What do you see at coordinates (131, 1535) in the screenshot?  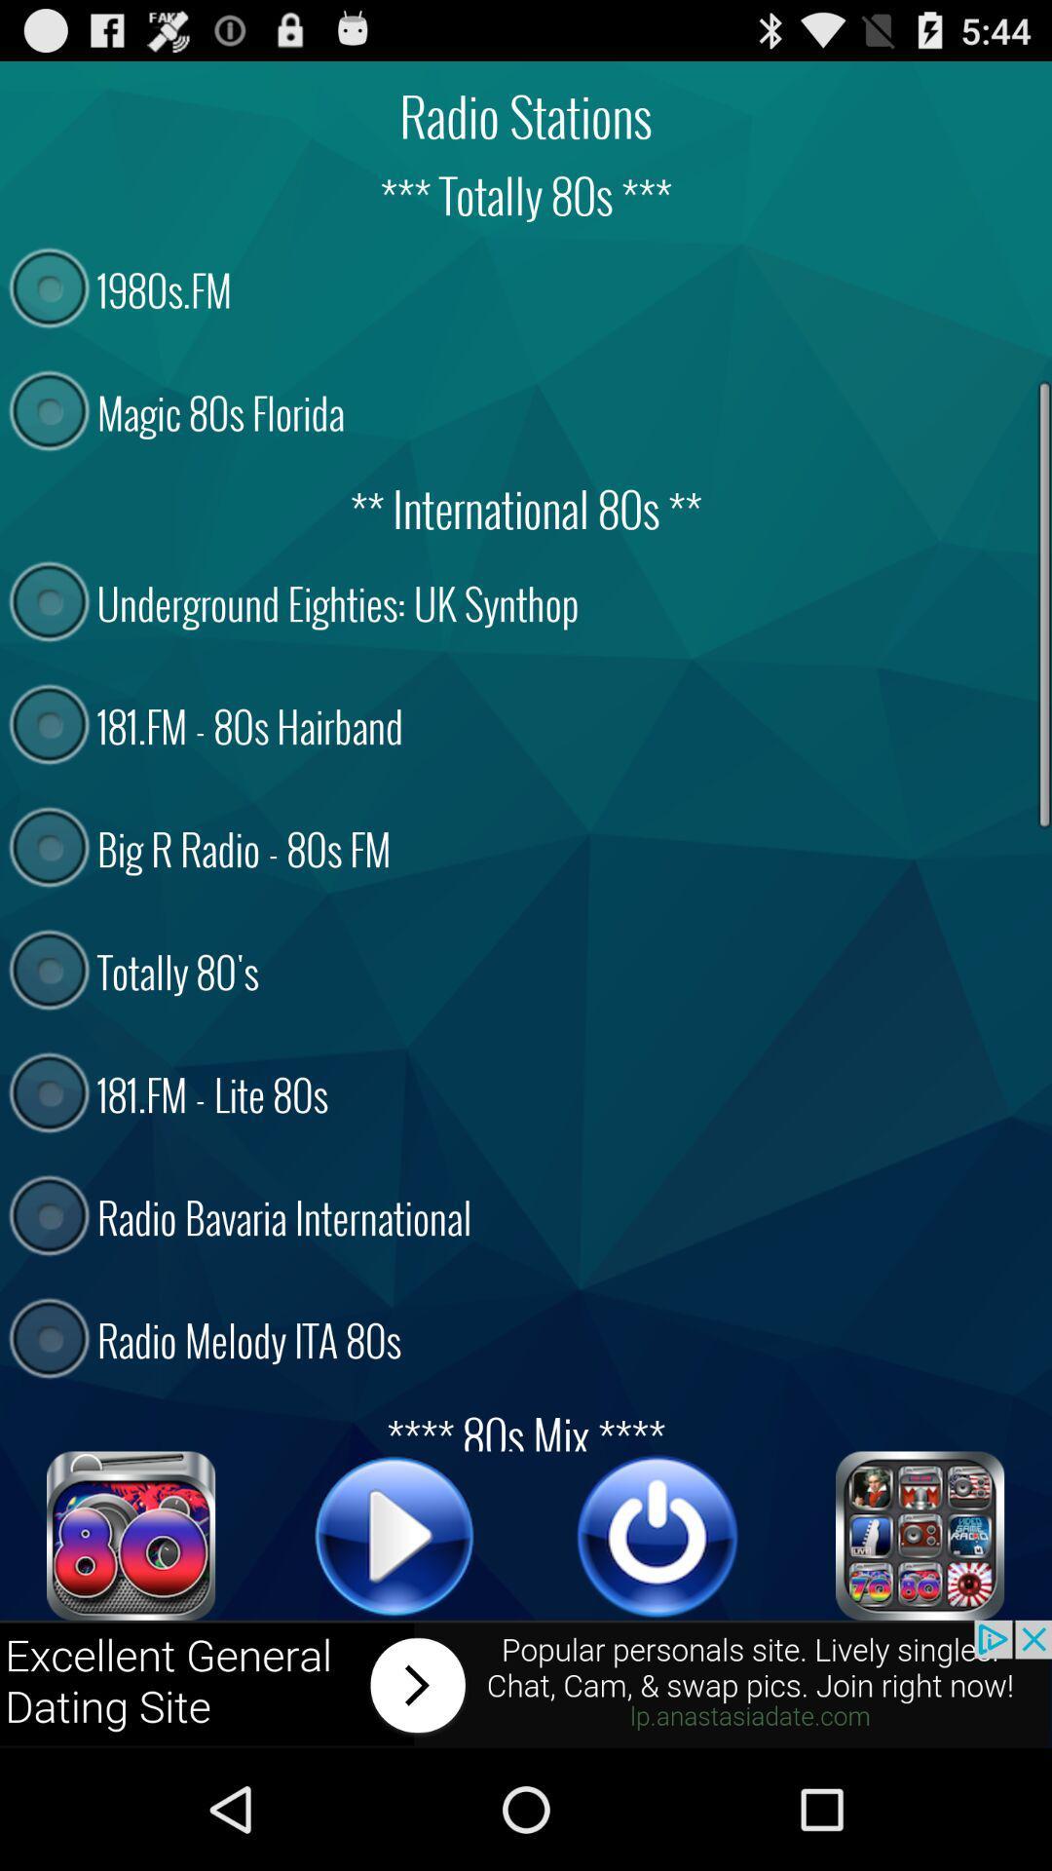 I see `totally 80 's music` at bounding box center [131, 1535].